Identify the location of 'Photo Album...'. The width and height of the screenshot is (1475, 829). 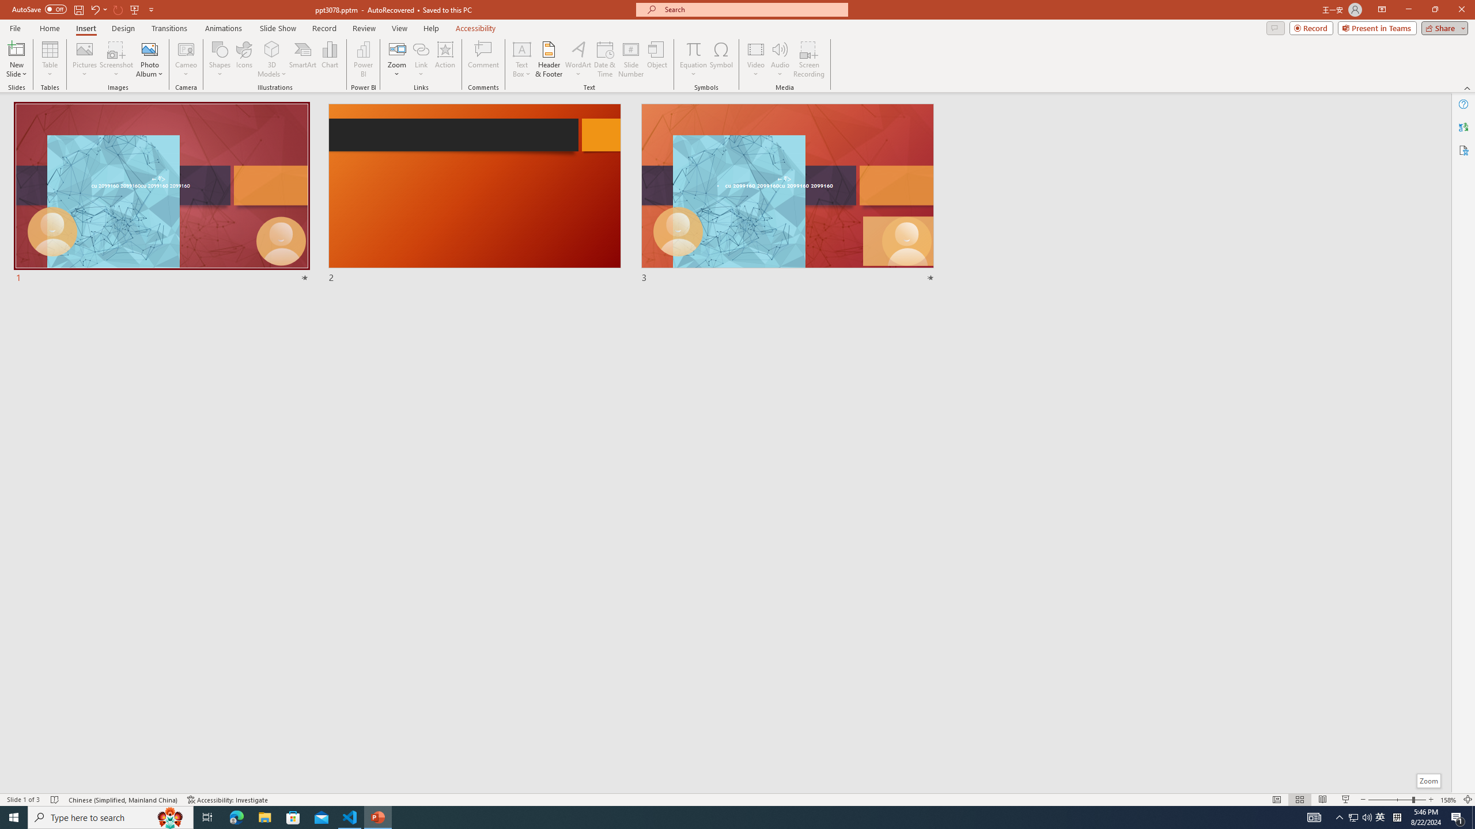
(149, 59).